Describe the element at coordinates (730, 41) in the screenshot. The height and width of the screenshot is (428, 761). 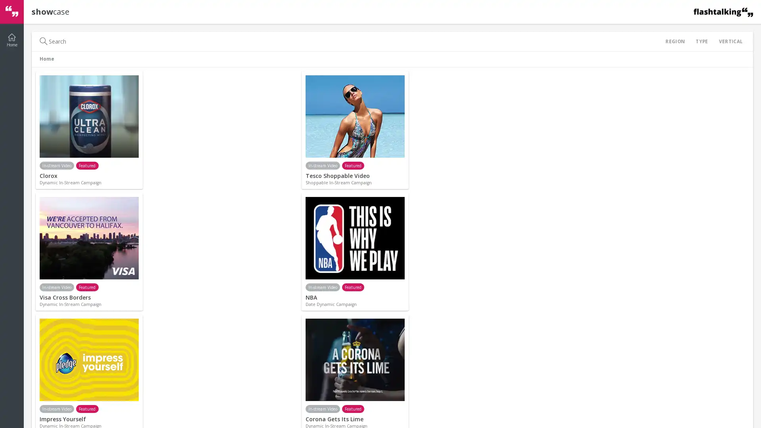
I see `VERTICAL` at that location.